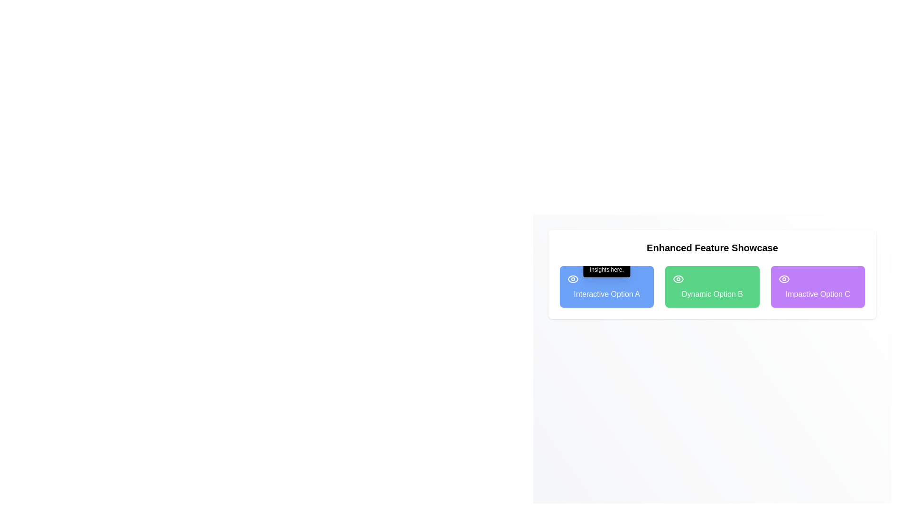 The width and height of the screenshot is (911, 512). Describe the element at coordinates (712, 293) in the screenshot. I see `the text label 'Dynamic Option B' displayed within a green card-like box, positioned between 'Interactive Option A' and 'Impactive Option C'` at that location.